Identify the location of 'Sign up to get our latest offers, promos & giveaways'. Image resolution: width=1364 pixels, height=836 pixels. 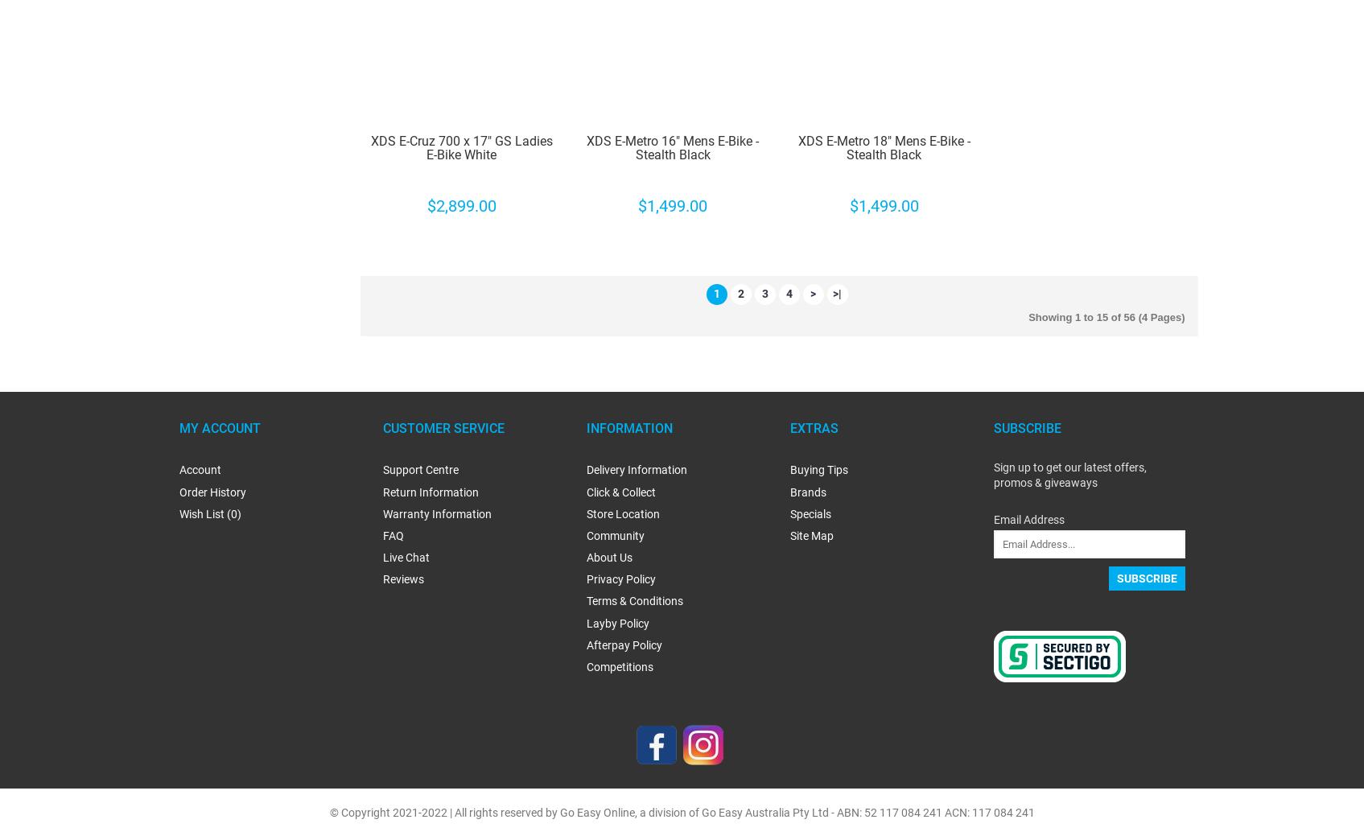
(1069, 475).